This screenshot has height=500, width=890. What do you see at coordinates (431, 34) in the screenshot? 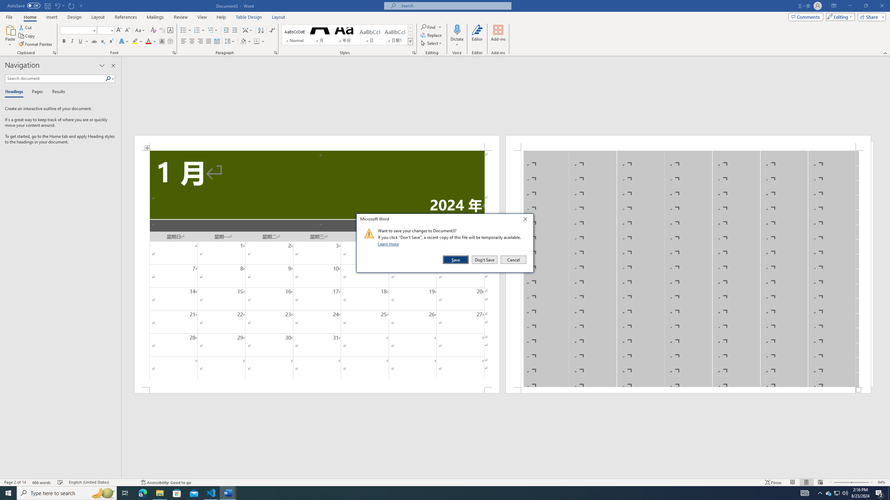
I see `'Replace...'` at bounding box center [431, 34].